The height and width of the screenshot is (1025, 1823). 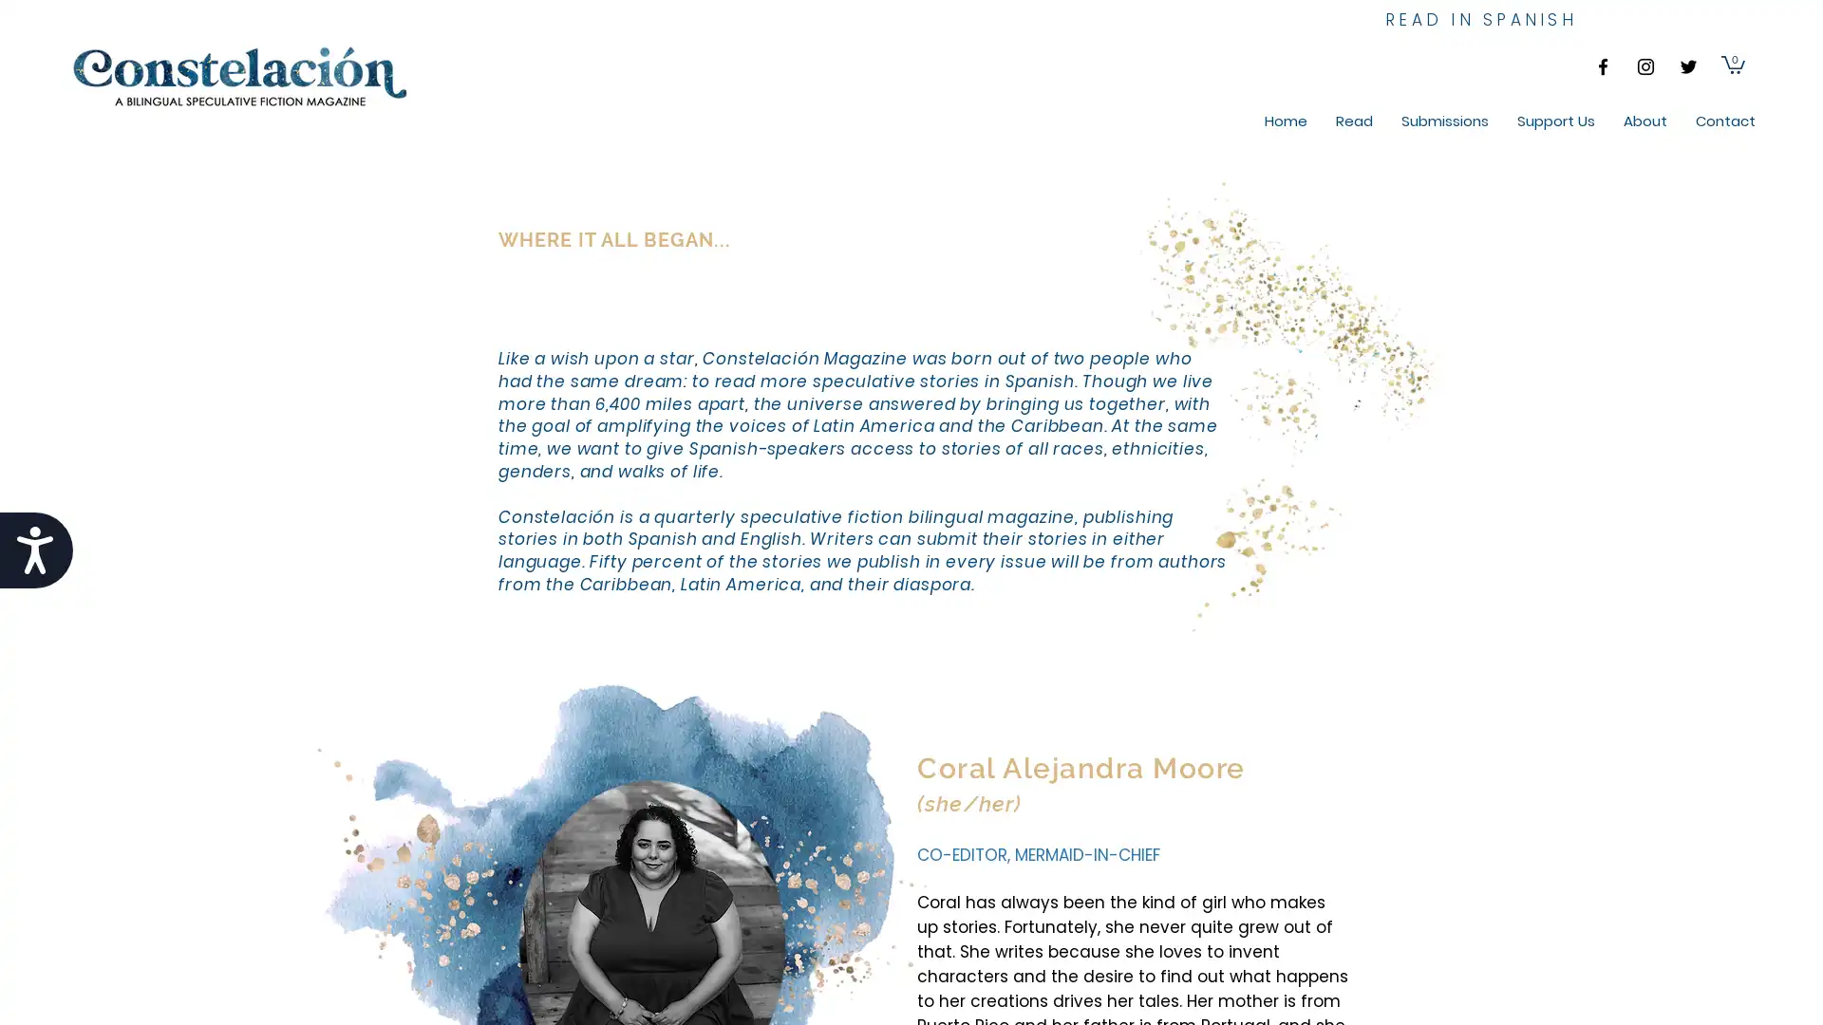 I want to click on Cookie Settings, so click(x=1617, y=991).